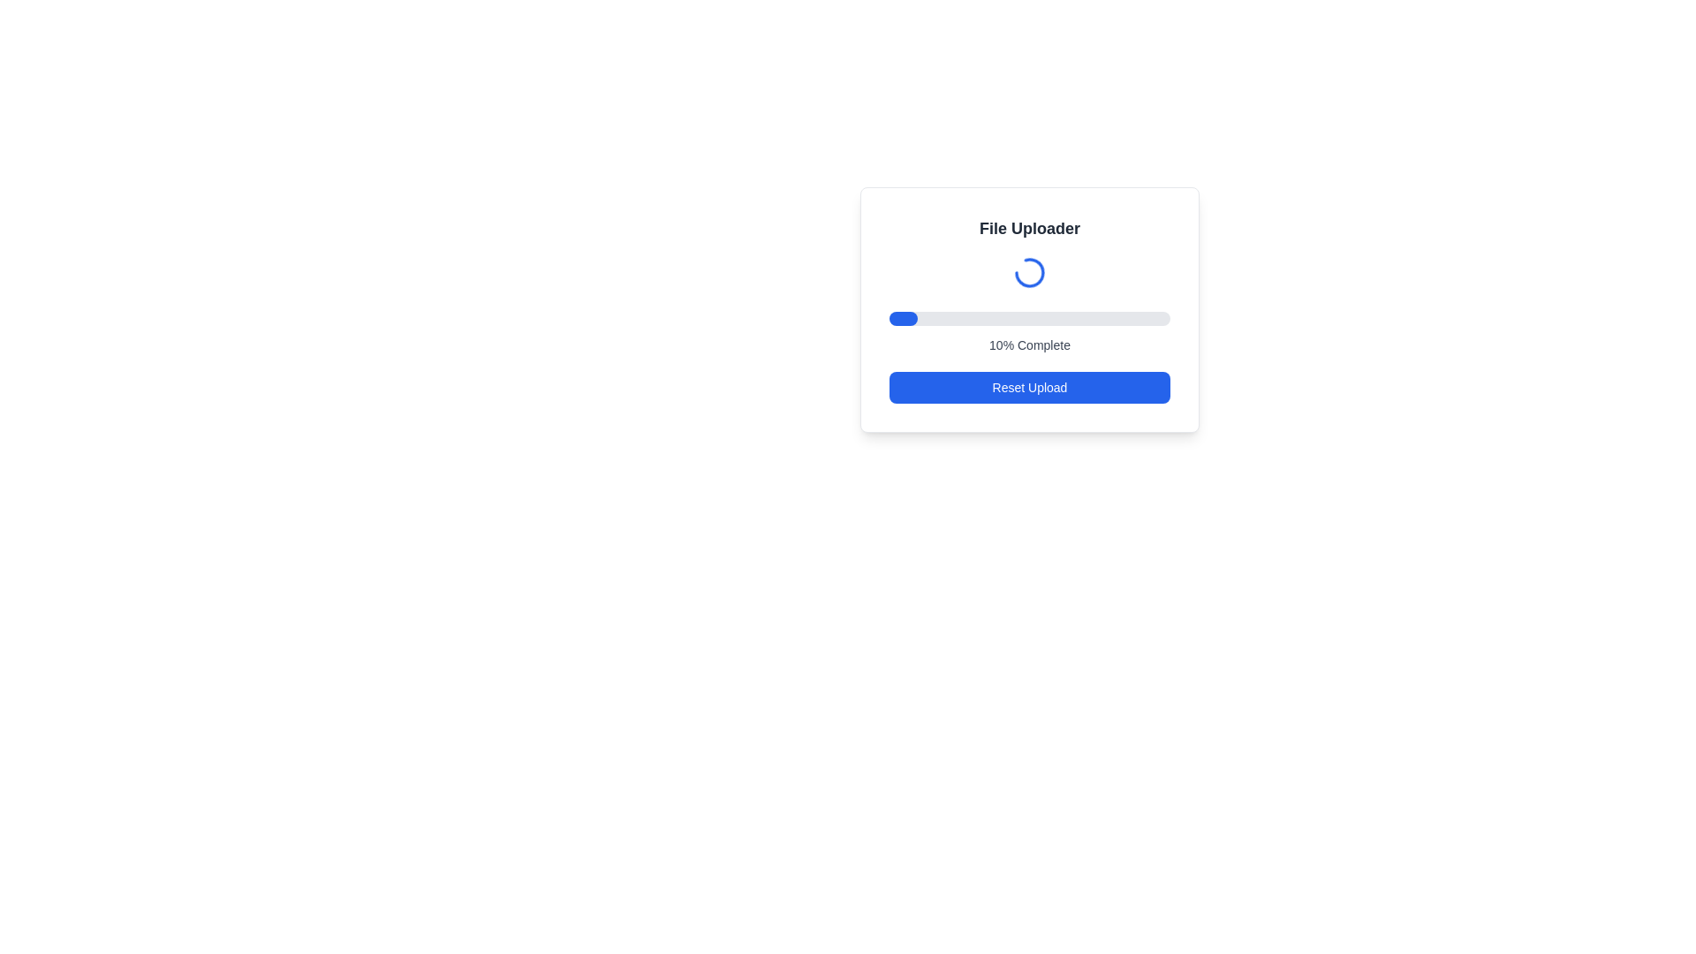 This screenshot has height=954, width=1696. Describe the element at coordinates (1030, 344) in the screenshot. I see `the text label displaying '0% Complete', which is styled with a small, centered, gray font and located below a horizontal progress bar` at that location.